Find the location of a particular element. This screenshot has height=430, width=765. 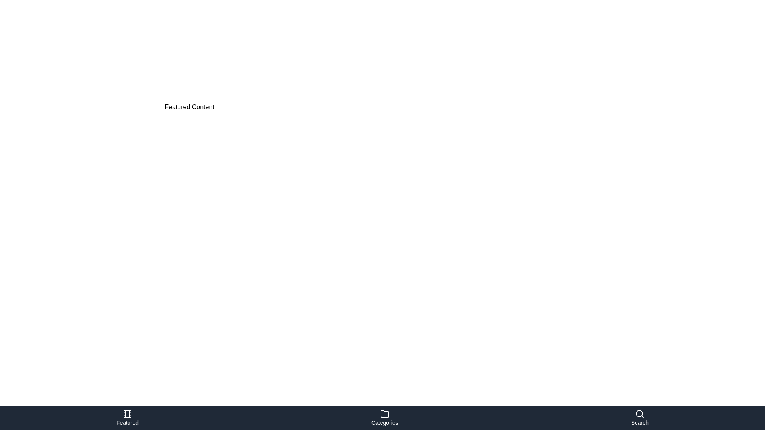

the SVG circle shape representing the lens of the search icon located at the extreme right of the bottom navigation bar is located at coordinates (639, 413).